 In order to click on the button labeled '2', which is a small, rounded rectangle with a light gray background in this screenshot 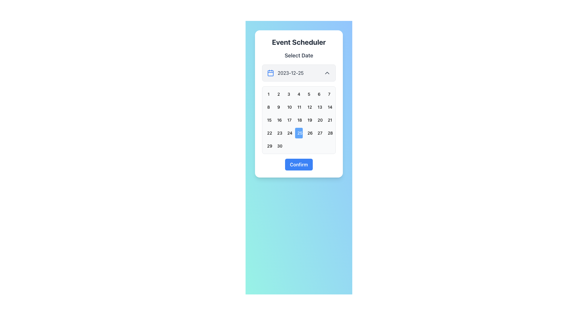, I will do `click(278, 94)`.